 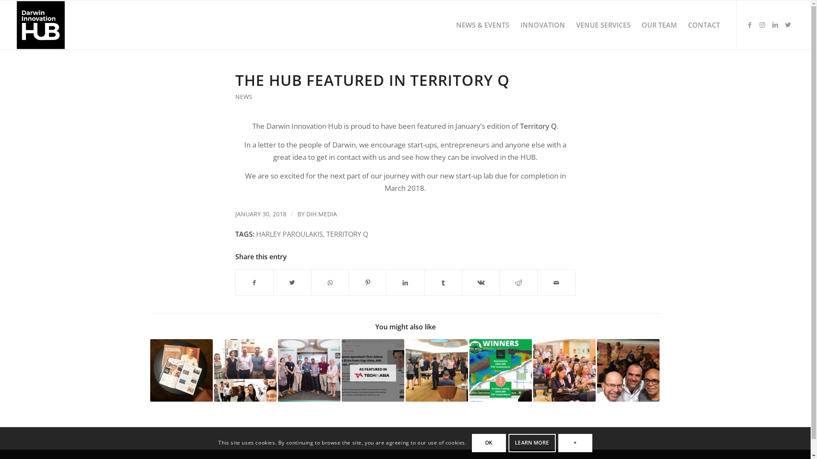 What do you see at coordinates (483, 24) in the screenshot?
I see `'NEWS & EVENTS'` at bounding box center [483, 24].